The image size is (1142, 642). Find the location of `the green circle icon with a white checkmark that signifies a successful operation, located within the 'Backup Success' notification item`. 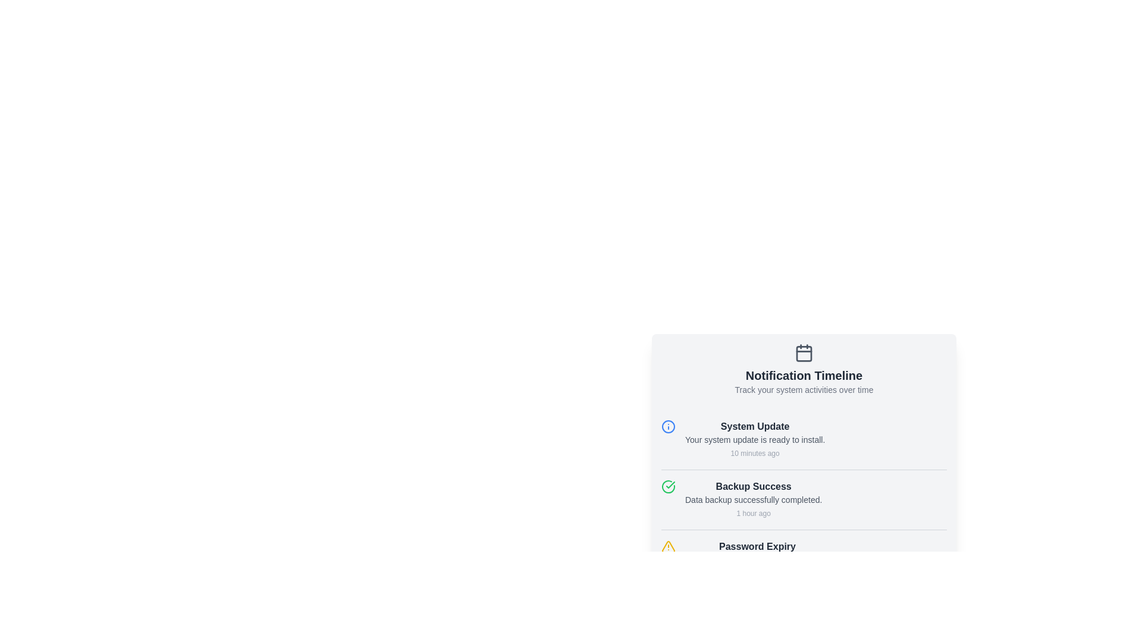

the green circle icon with a white checkmark that signifies a successful operation, located within the 'Backup Success' notification item is located at coordinates (668, 486).